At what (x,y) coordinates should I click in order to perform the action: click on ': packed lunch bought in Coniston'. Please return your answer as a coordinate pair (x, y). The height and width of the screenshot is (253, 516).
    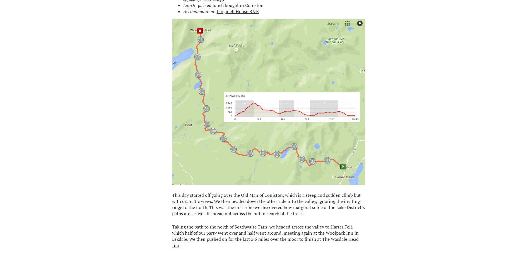
    Looking at the image, I should click on (229, 4).